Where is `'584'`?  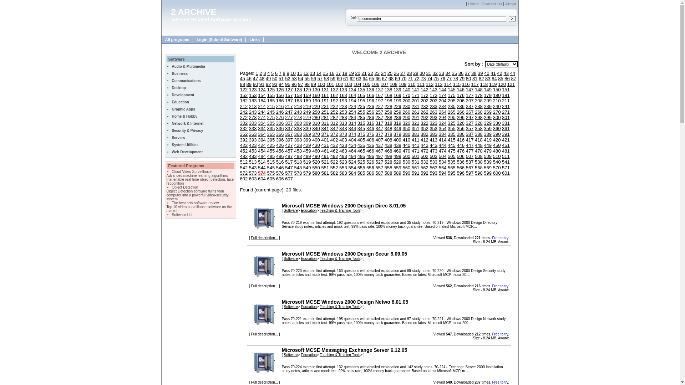 '584' is located at coordinates (352, 173).